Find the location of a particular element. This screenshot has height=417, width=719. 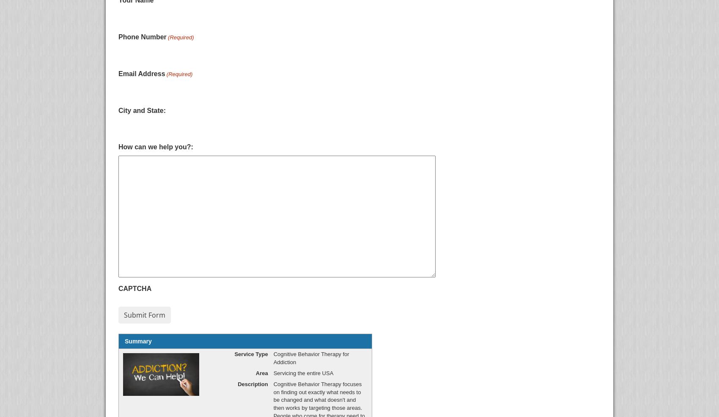

'Cognitive Behavior Therapy for Addiction' is located at coordinates (311, 357).